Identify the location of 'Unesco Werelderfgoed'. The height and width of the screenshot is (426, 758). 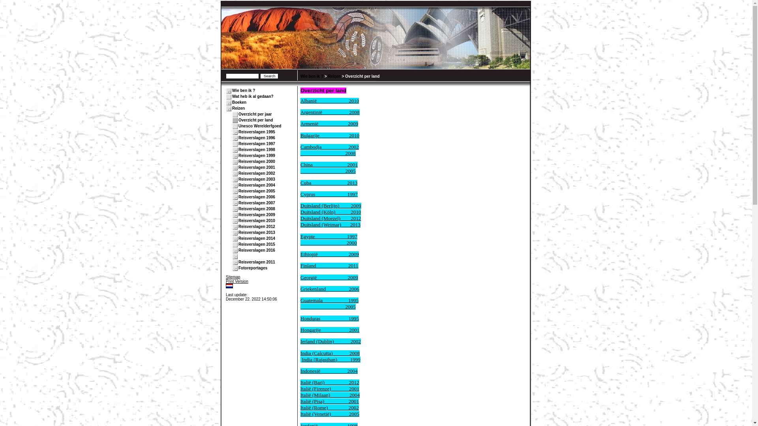
(260, 125).